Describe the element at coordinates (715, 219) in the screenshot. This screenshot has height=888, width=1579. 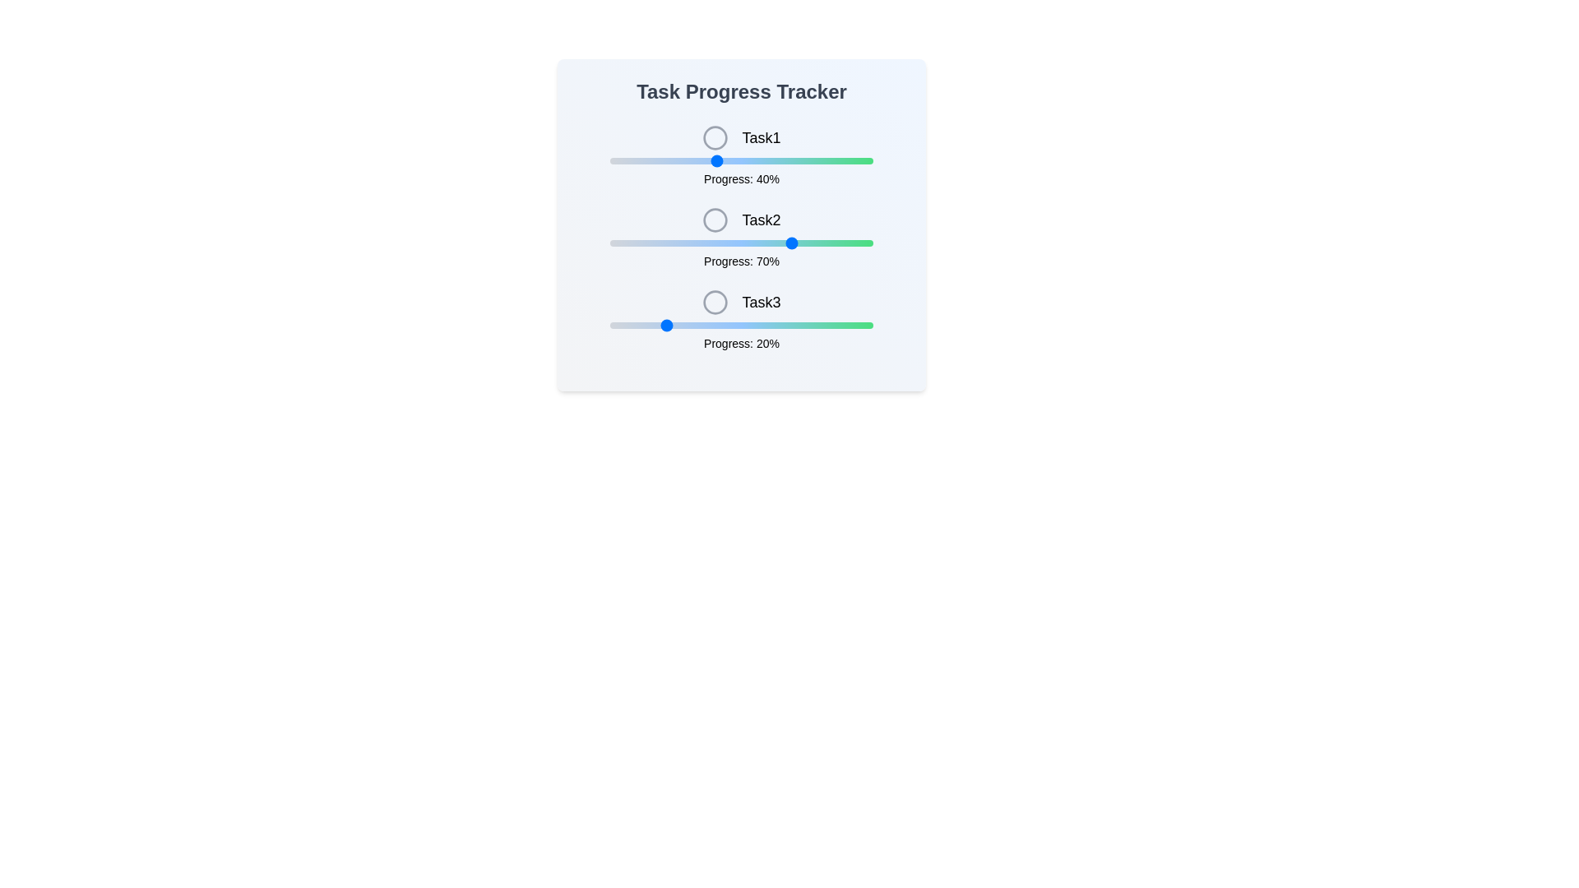
I see `the icon for Task2` at that location.